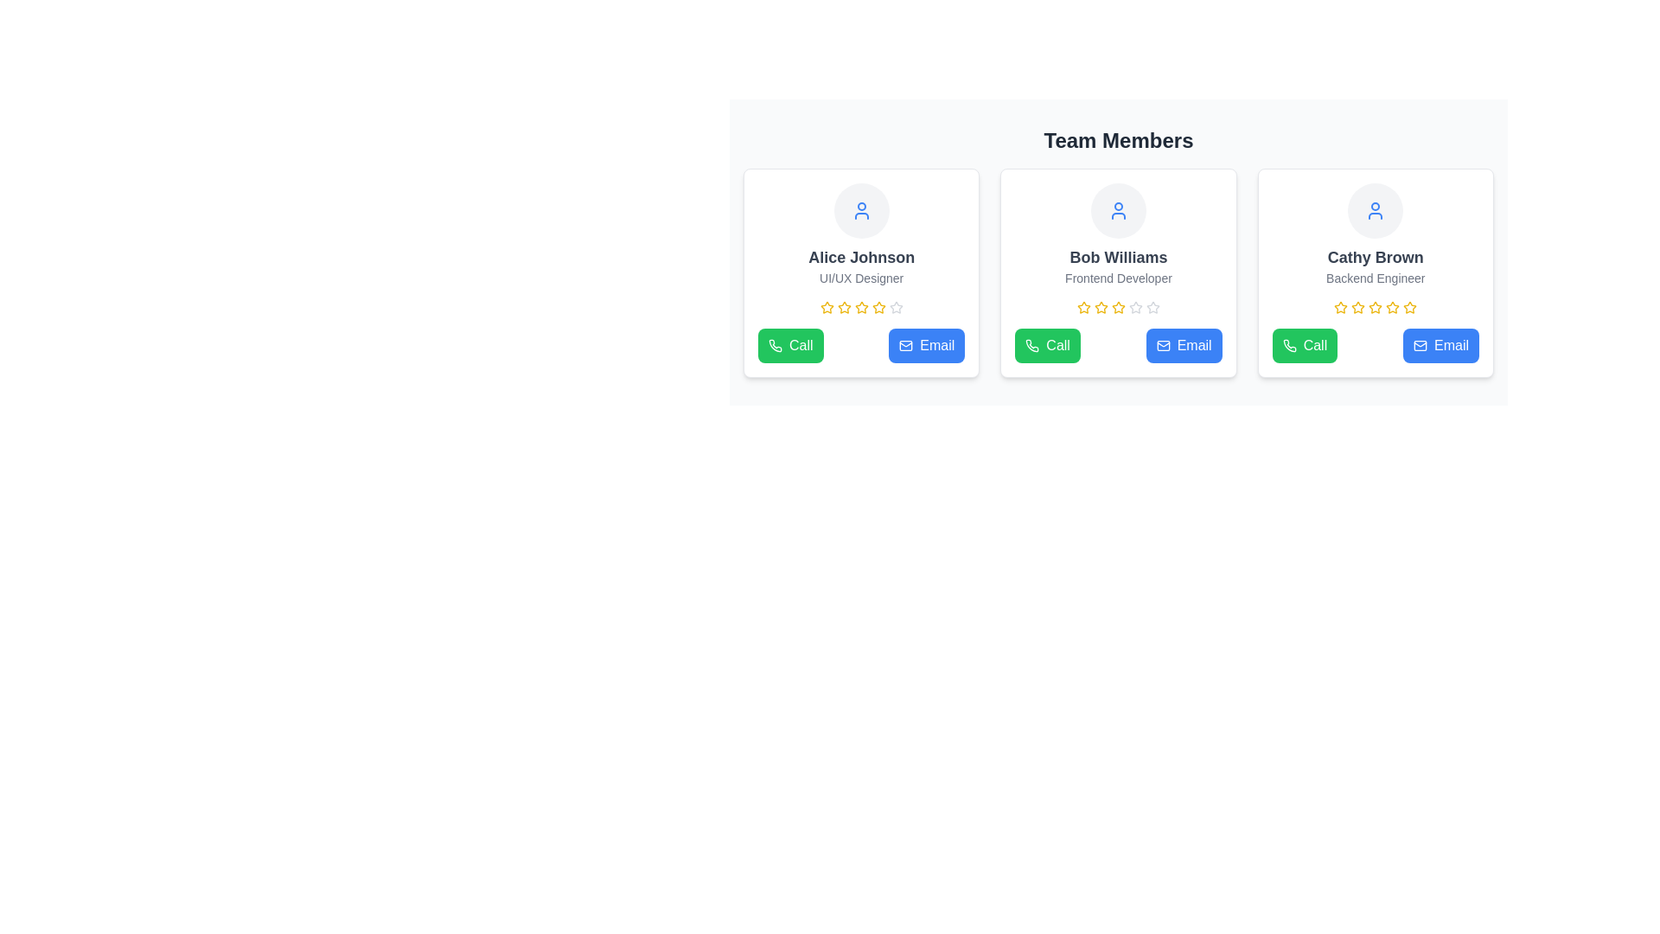 Image resolution: width=1660 pixels, height=934 pixels. I want to click on the first yellow star icon in the rating system below the profile card of 'Alice Johnson', who is a UI/UX Designer, so click(826, 306).